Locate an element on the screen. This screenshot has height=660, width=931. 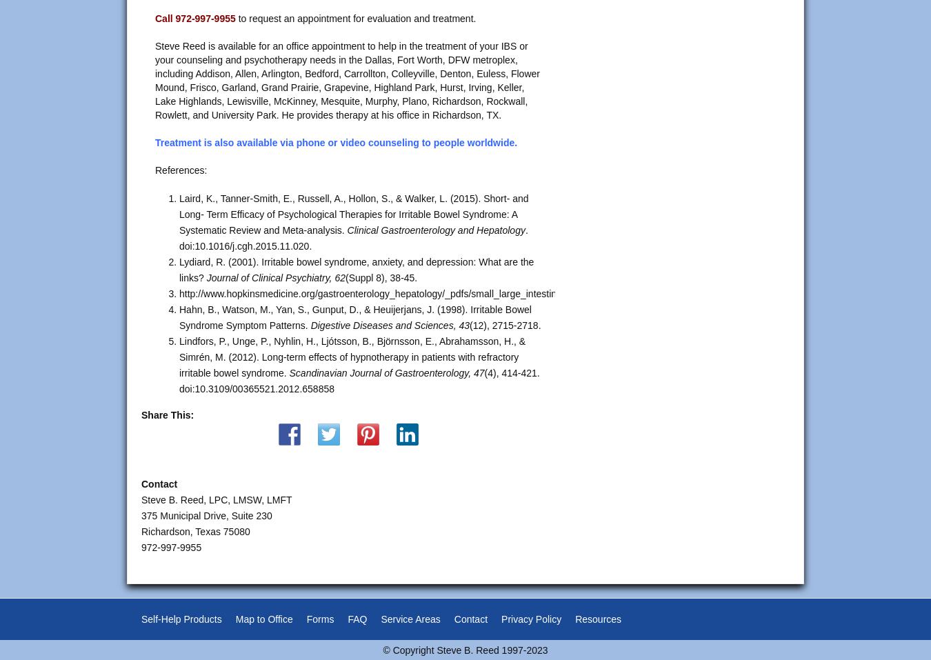
'to request an appointment for evaluation and treatment.' is located at coordinates (354, 17).